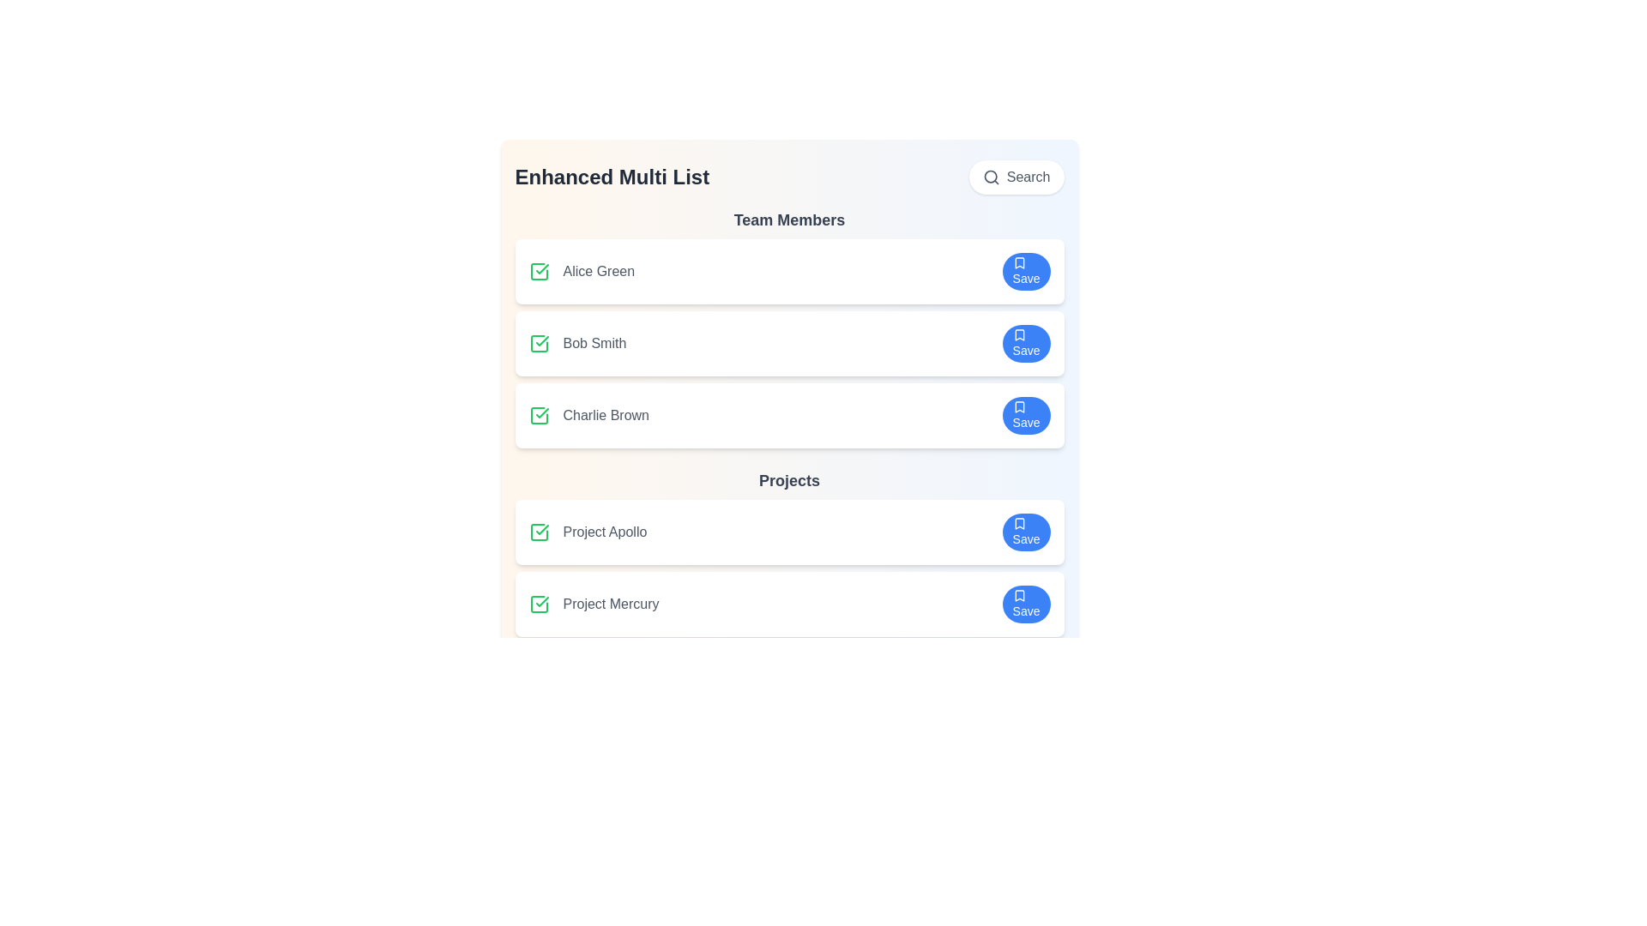  What do you see at coordinates (1026, 344) in the screenshot?
I see `the save button for Bob Smith` at bounding box center [1026, 344].